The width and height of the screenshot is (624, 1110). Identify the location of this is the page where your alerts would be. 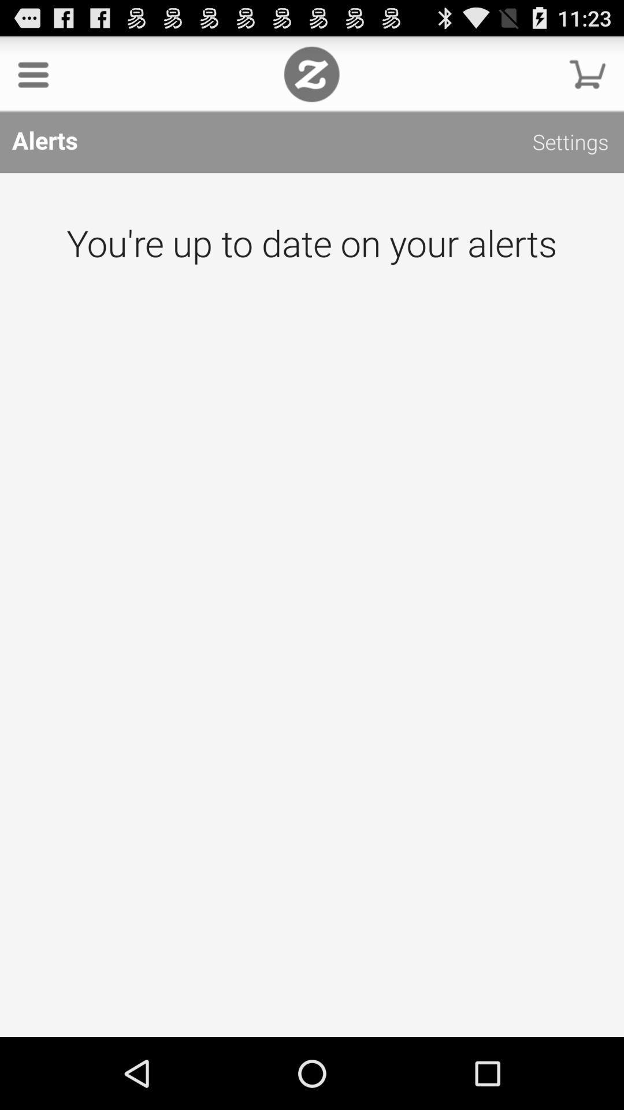
(312, 604).